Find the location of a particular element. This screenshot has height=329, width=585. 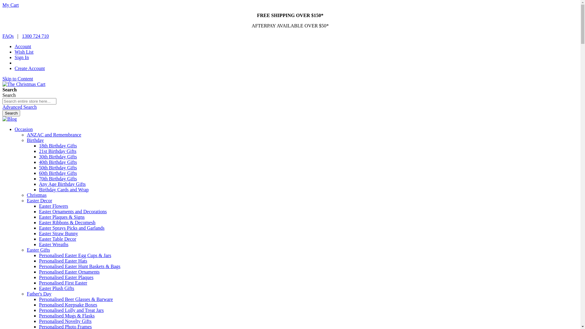

'Easter Gifts' is located at coordinates (38, 250).